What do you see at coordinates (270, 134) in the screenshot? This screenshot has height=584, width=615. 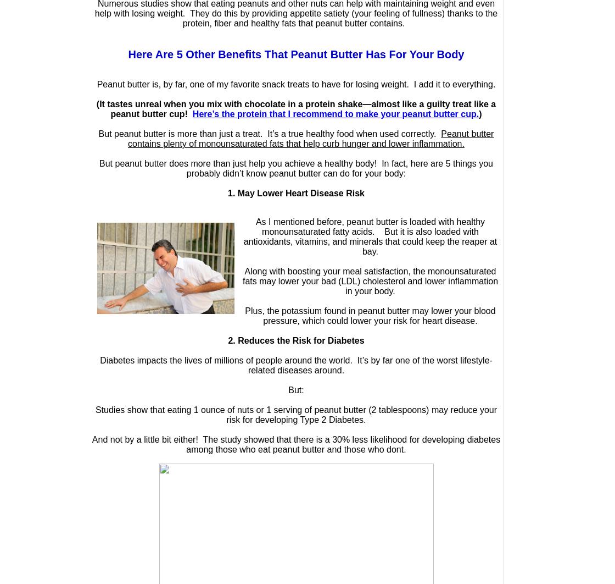 I see `'But peanut butter is more than just a treat.  It’s a true healthy food when used correctly.'` at bounding box center [270, 134].